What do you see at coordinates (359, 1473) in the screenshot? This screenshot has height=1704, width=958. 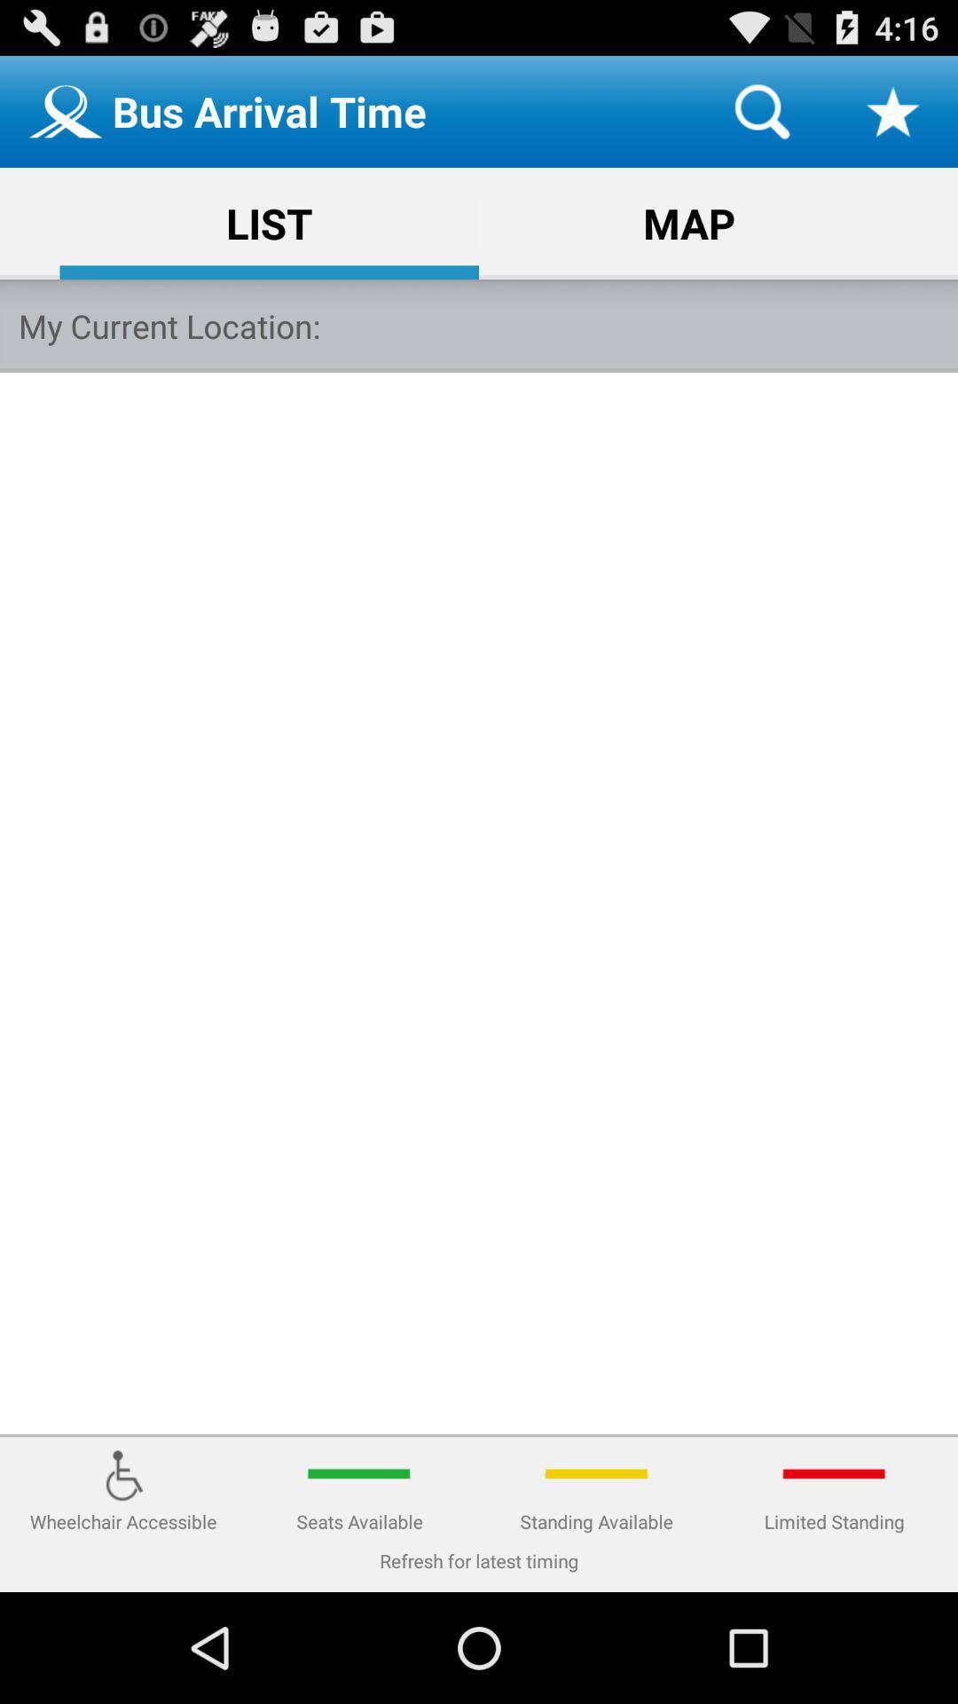 I see `green line above the text seats available` at bounding box center [359, 1473].